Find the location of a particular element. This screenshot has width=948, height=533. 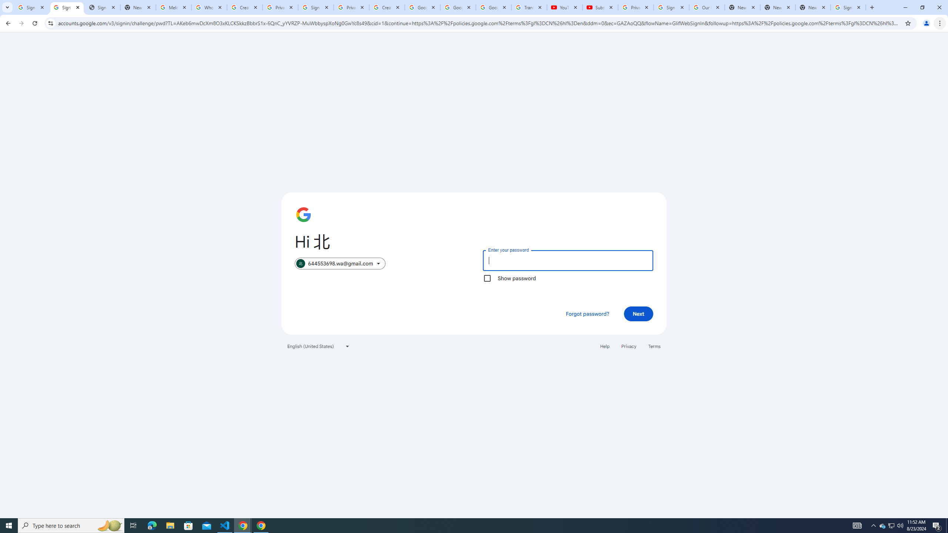

'Sign In - USA TODAY' is located at coordinates (102, 7).